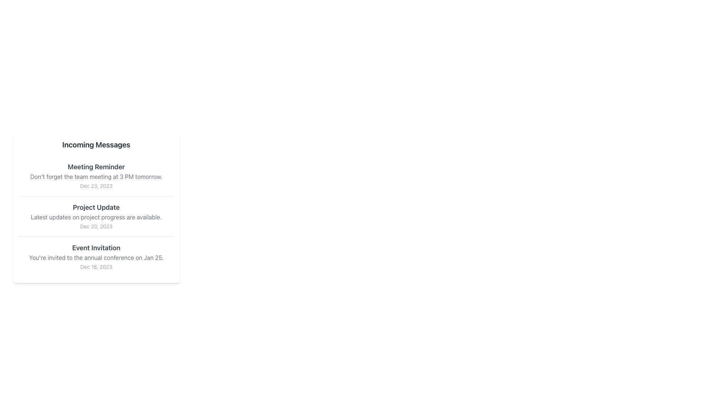  What do you see at coordinates (96, 176) in the screenshot?
I see `the text element providing additional information about the meeting, located in the section labeled 'Meeting Reminder', directly below the title 'Meeting Reminder'` at bounding box center [96, 176].